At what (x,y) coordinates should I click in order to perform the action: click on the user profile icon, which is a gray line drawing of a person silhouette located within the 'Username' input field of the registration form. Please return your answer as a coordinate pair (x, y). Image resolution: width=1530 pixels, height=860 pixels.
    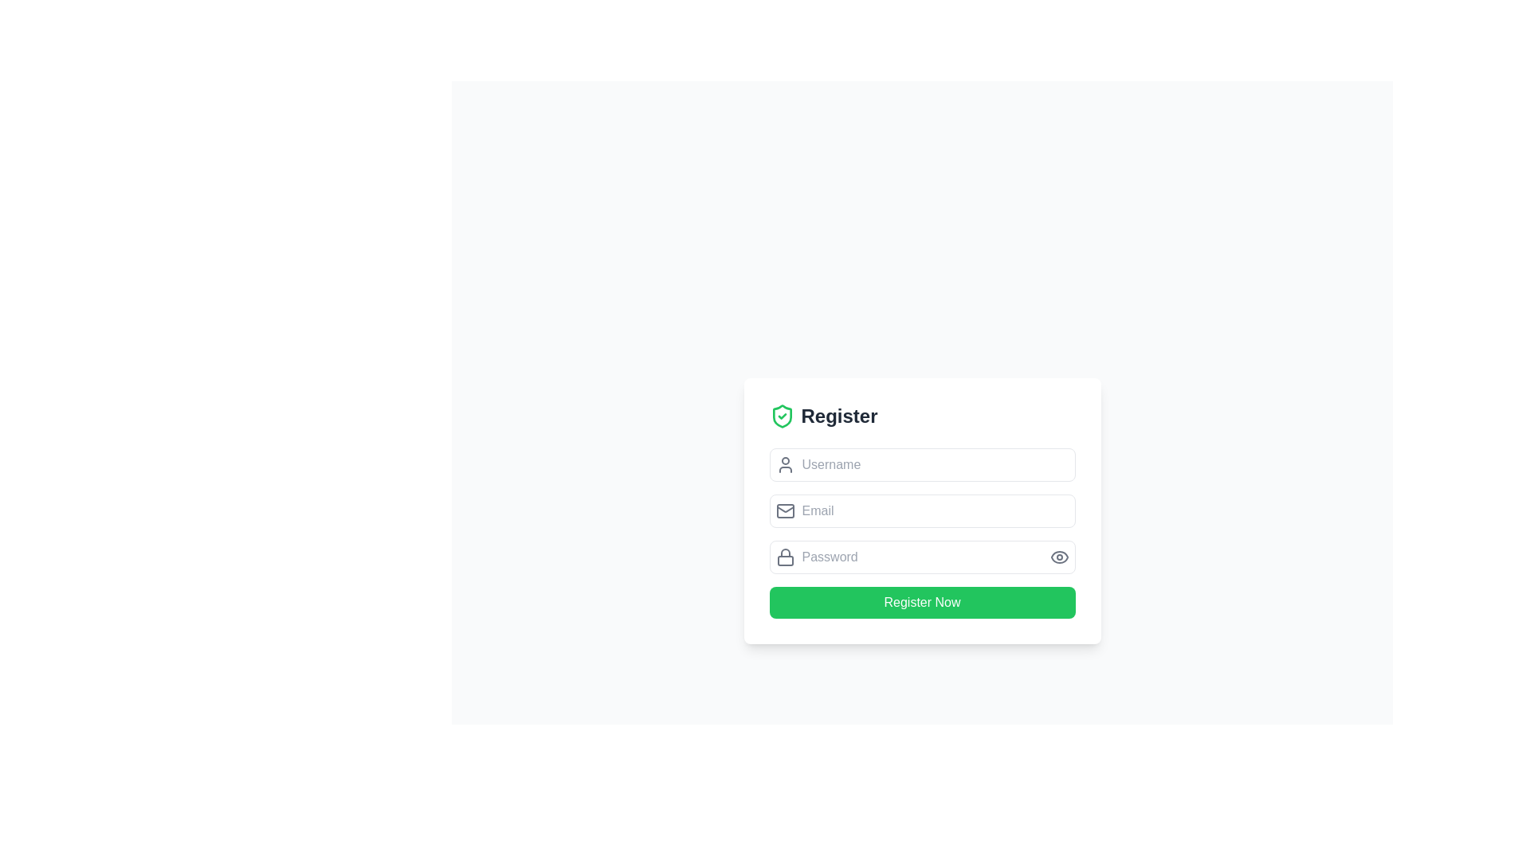
    Looking at the image, I should click on (785, 464).